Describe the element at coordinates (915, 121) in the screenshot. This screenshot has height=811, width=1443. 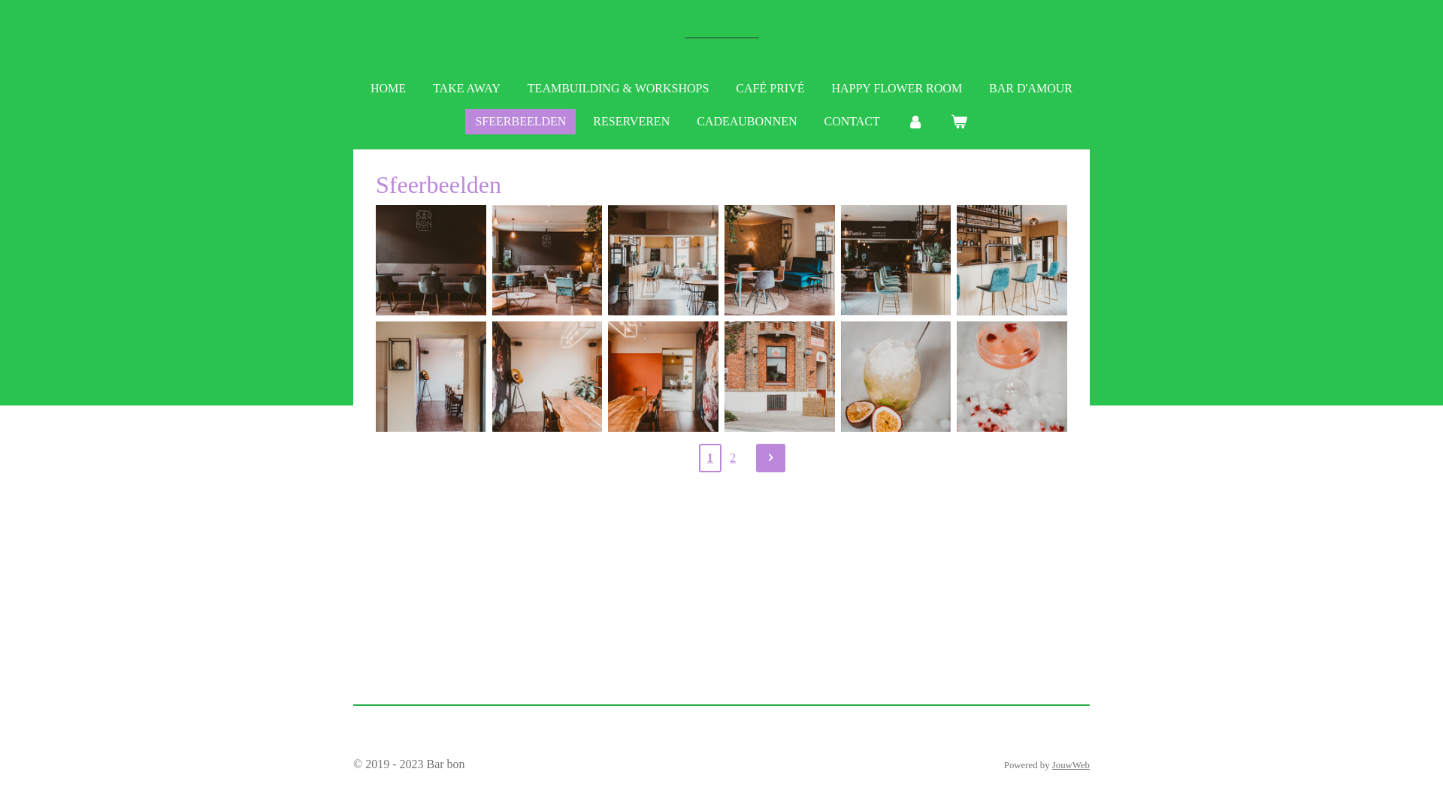
I see `'Account'` at that location.